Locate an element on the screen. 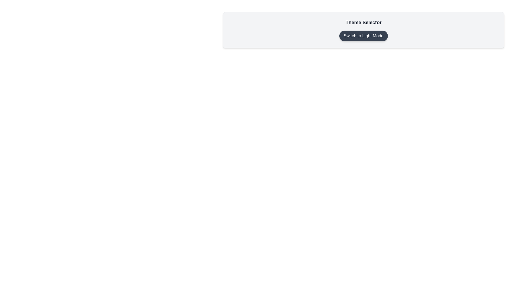  the button labeled 'Switch to Light Mode' to toggle the theme mode is located at coordinates (363, 36).